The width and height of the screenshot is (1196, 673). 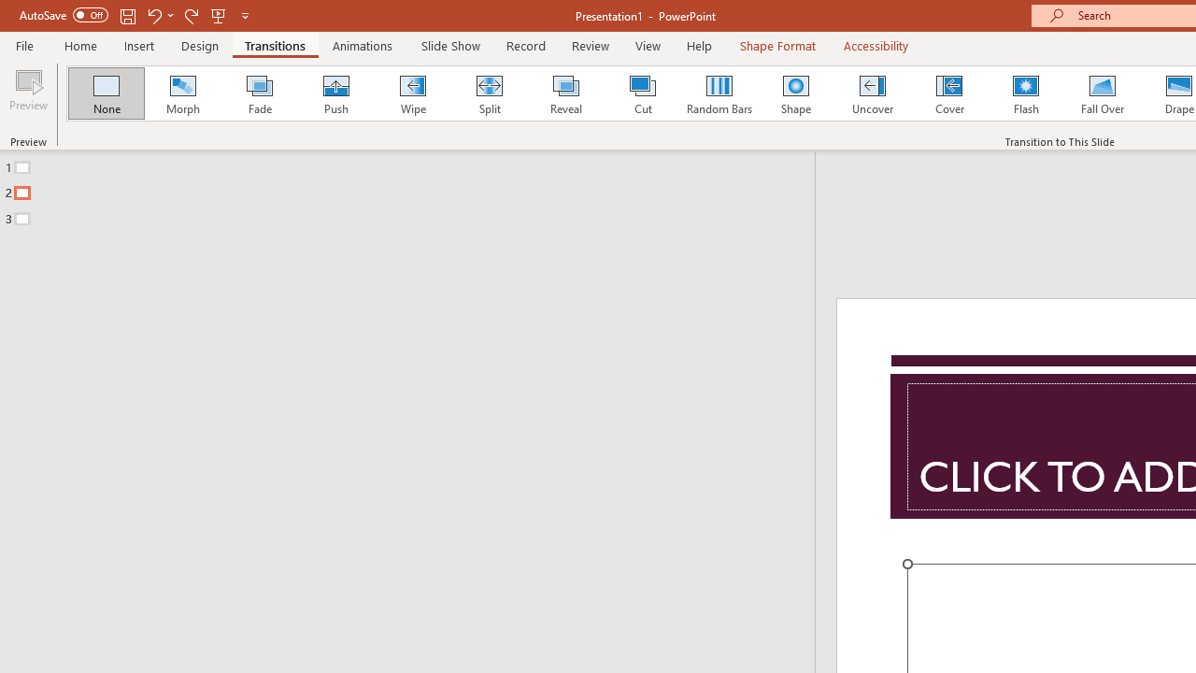 I want to click on 'Morph', so click(x=182, y=93).